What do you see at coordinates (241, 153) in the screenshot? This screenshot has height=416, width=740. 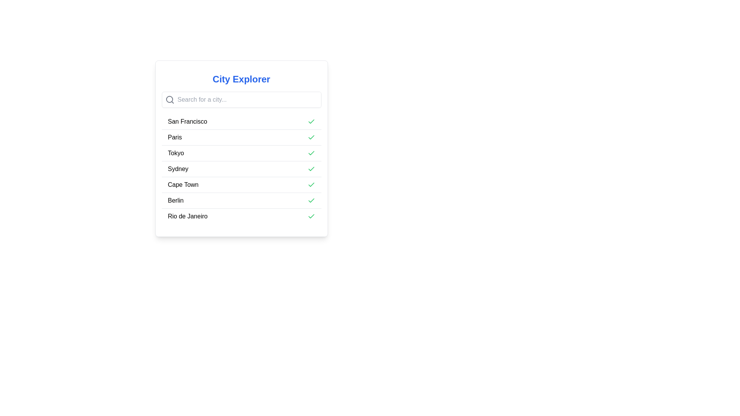 I see `the list item labeled 'Tokyo', which is the third option in the vertically stacked menu of the dialog box` at bounding box center [241, 153].